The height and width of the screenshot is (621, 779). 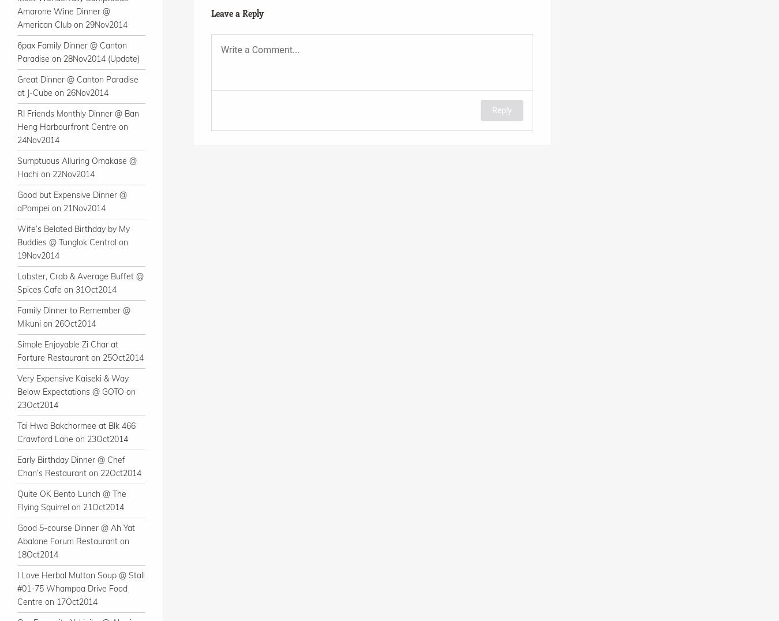 I want to click on 'Simple Enjoyable Zi Char at Forture Restaurant on 25Oct2014', so click(x=80, y=351).